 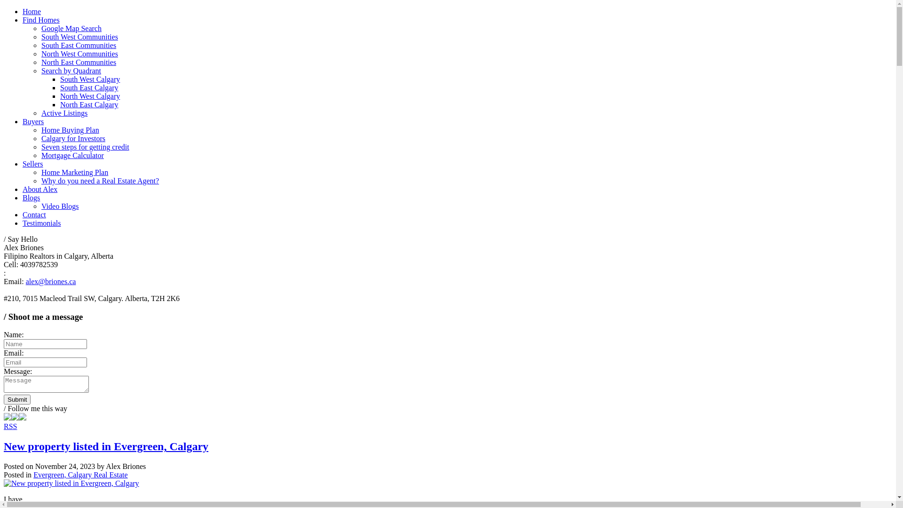 What do you see at coordinates (31, 197) in the screenshot?
I see `'Blogs'` at bounding box center [31, 197].